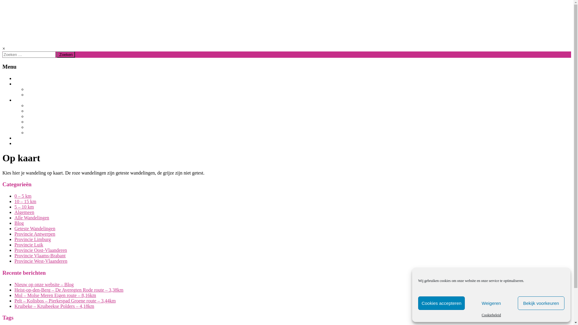  Describe the element at coordinates (26, 127) in the screenshot. I see `'PROVINCIE WEST-VLAANDEREN'` at that location.